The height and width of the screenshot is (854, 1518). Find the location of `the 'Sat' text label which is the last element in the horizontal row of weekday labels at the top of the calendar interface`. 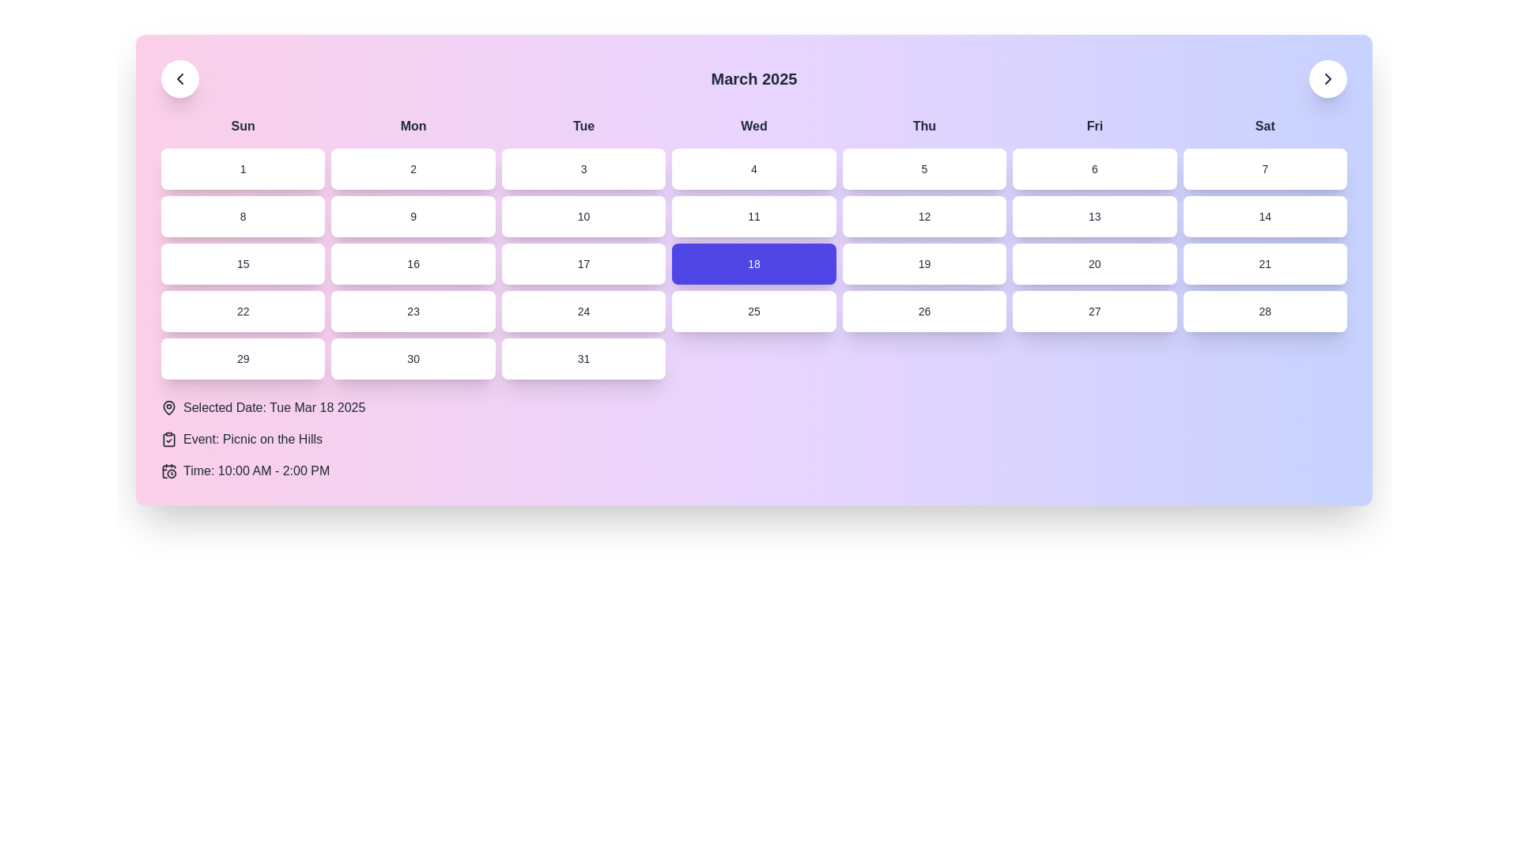

the 'Sat' text label which is the last element in the horizontal row of weekday labels at the top of the calendar interface is located at coordinates (1265, 125).